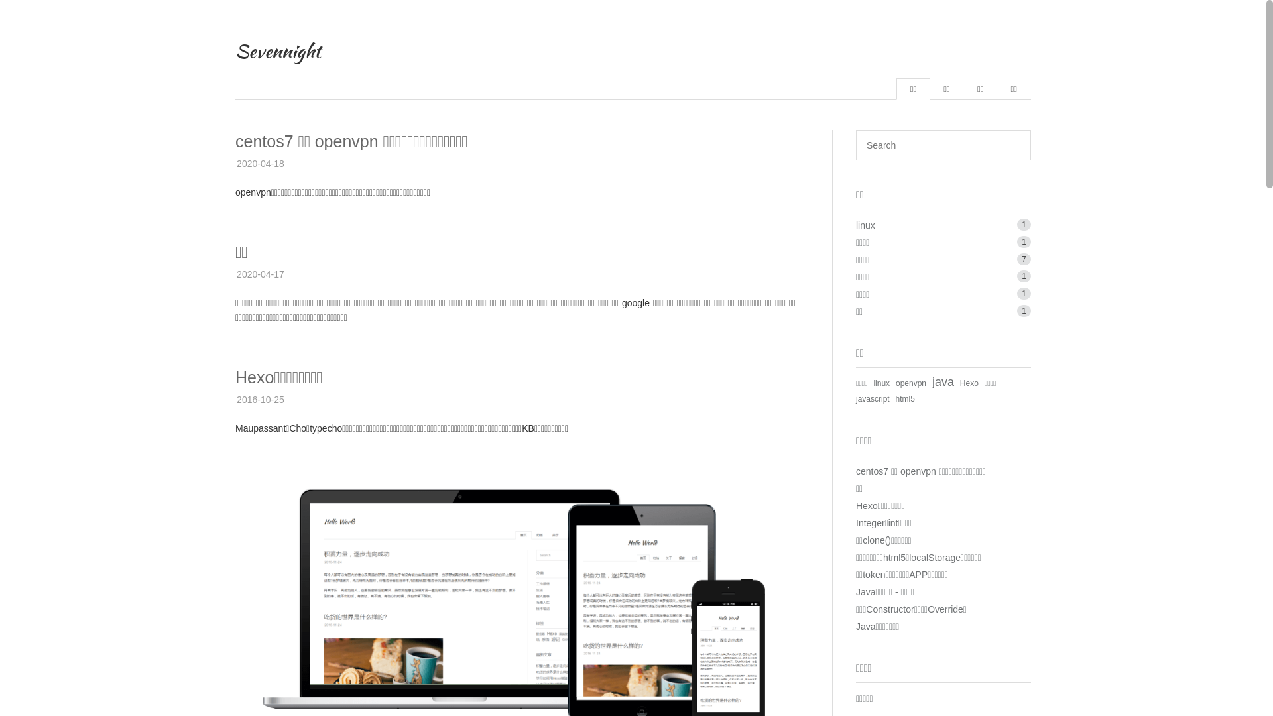  What do you see at coordinates (969, 383) in the screenshot?
I see `'Hexo'` at bounding box center [969, 383].